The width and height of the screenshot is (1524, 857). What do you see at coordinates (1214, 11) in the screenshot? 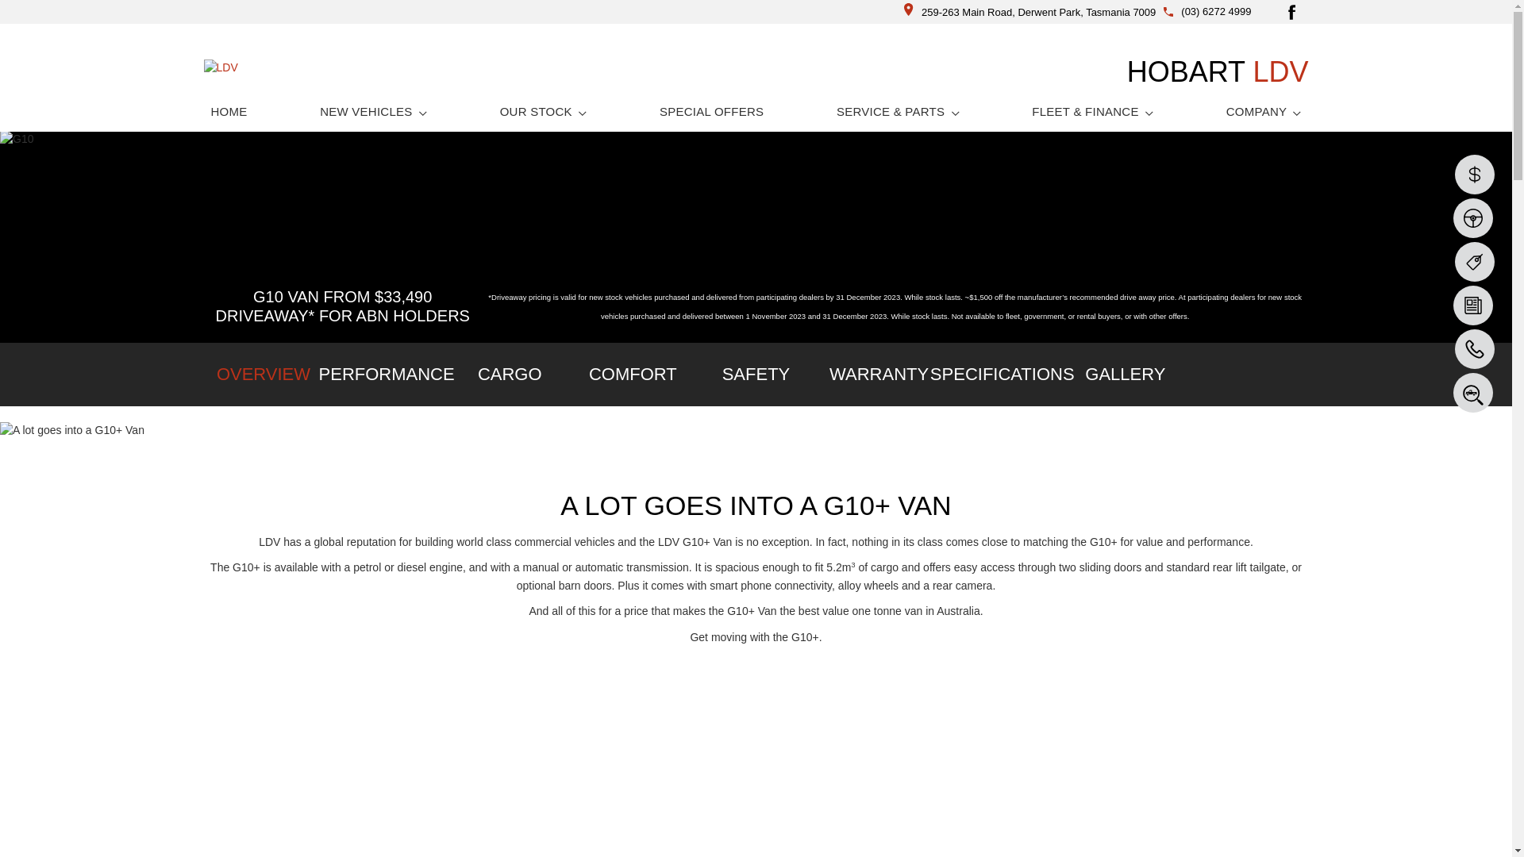
I see `'(03) 6272 4999'` at bounding box center [1214, 11].